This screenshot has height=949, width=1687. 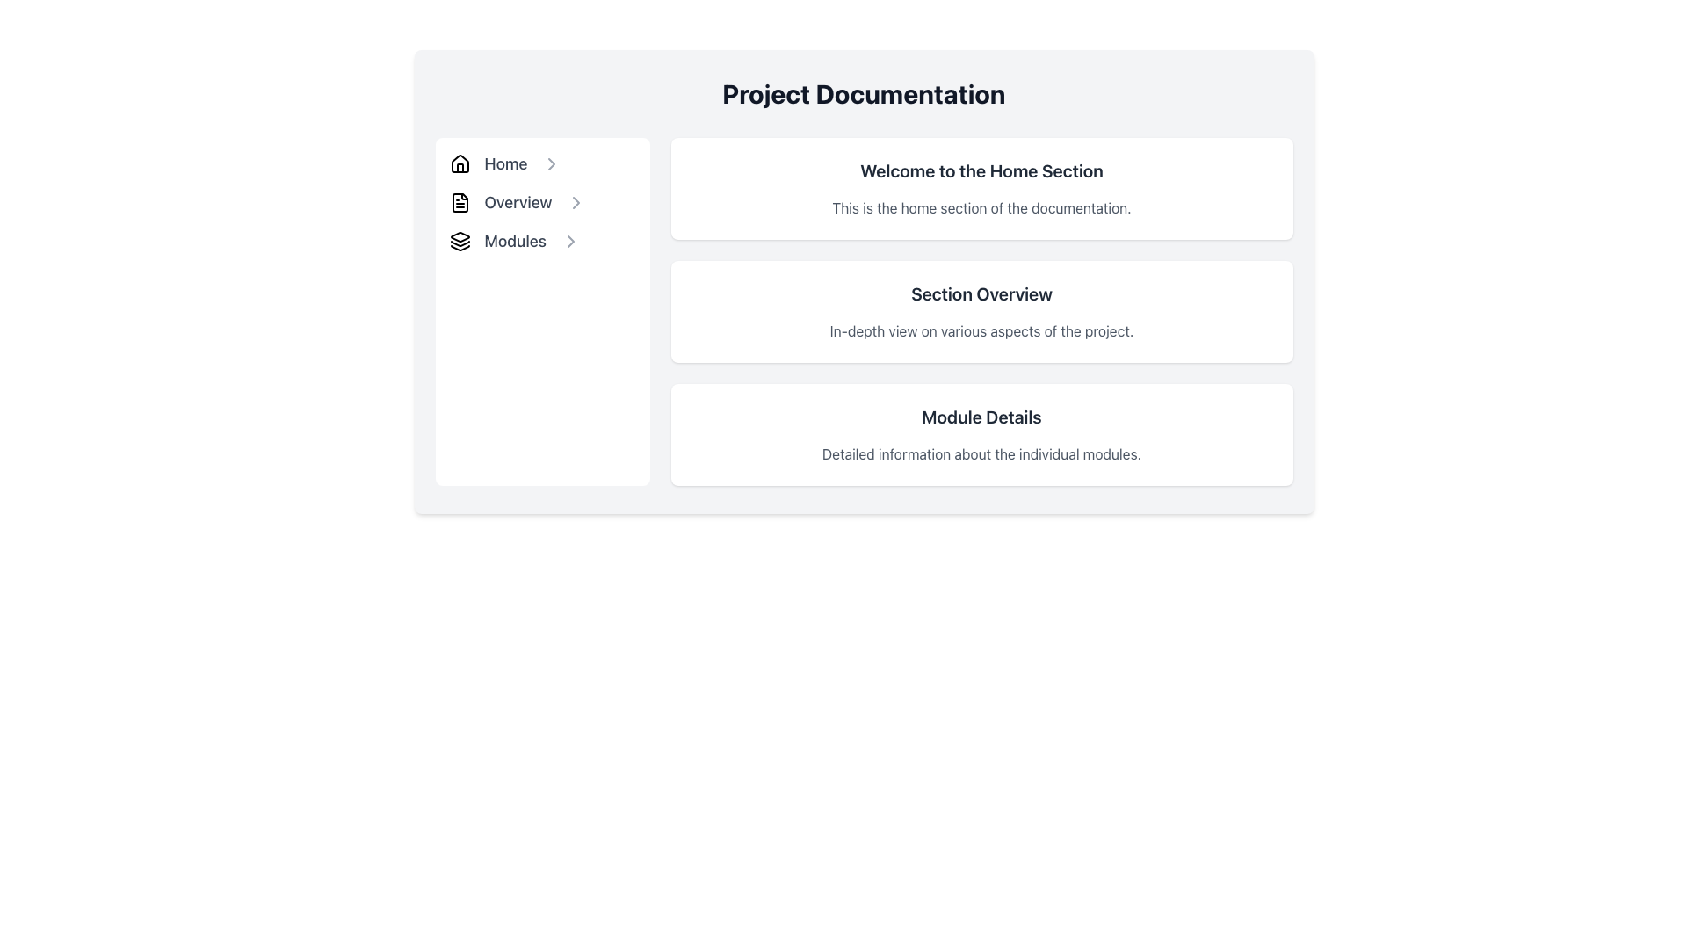 What do you see at coordinates (981, 171) in the screenshot?
I see `the header text element for the 'Home' section, which provides context to the user about their current view` at bounding box center [981, 171].